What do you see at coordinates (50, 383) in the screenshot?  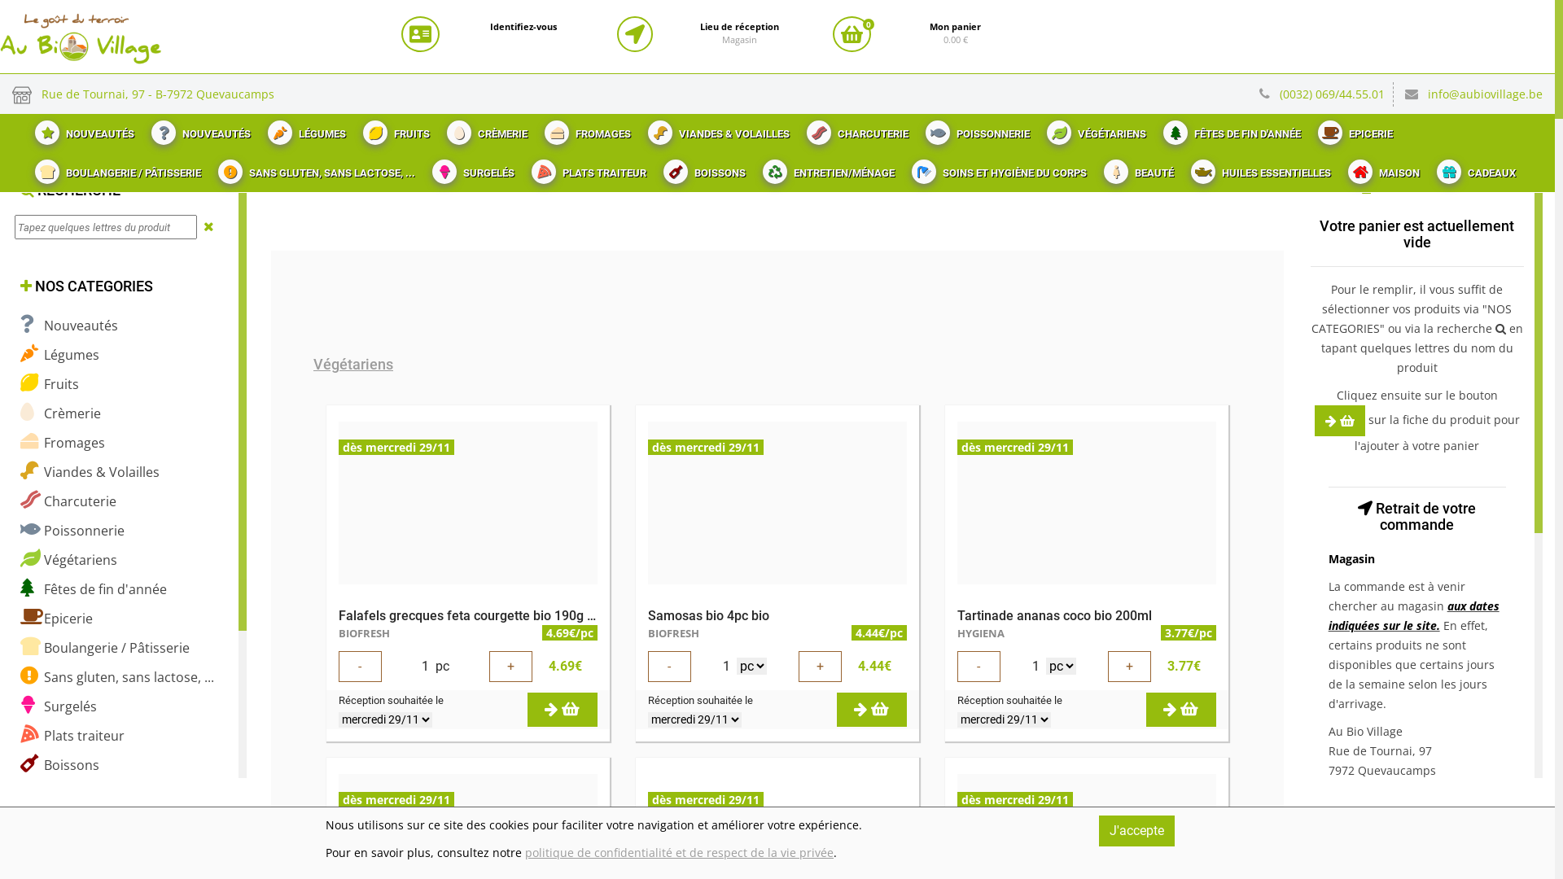 I see `'Fruits'` at bounding box center [50, 383].